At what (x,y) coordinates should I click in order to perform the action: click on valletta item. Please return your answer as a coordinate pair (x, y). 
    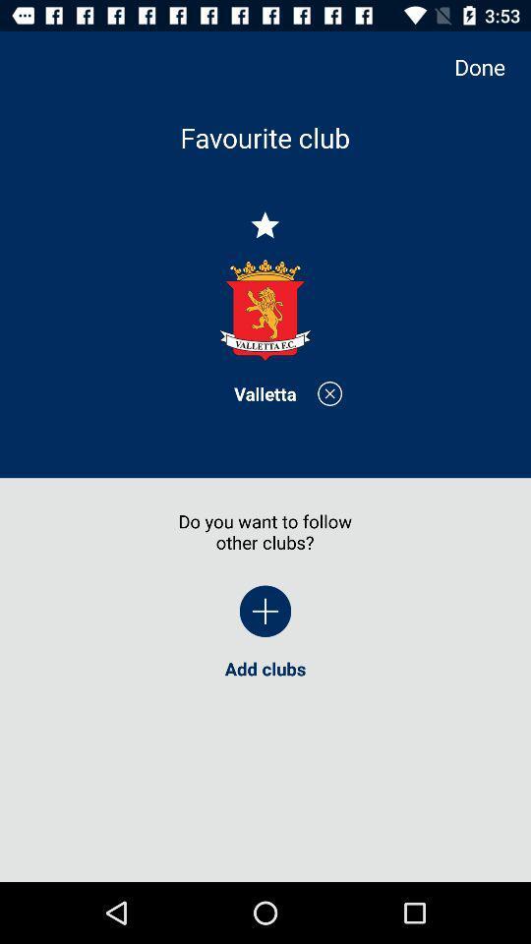
    Looking at the image, I should click on (265, 392).